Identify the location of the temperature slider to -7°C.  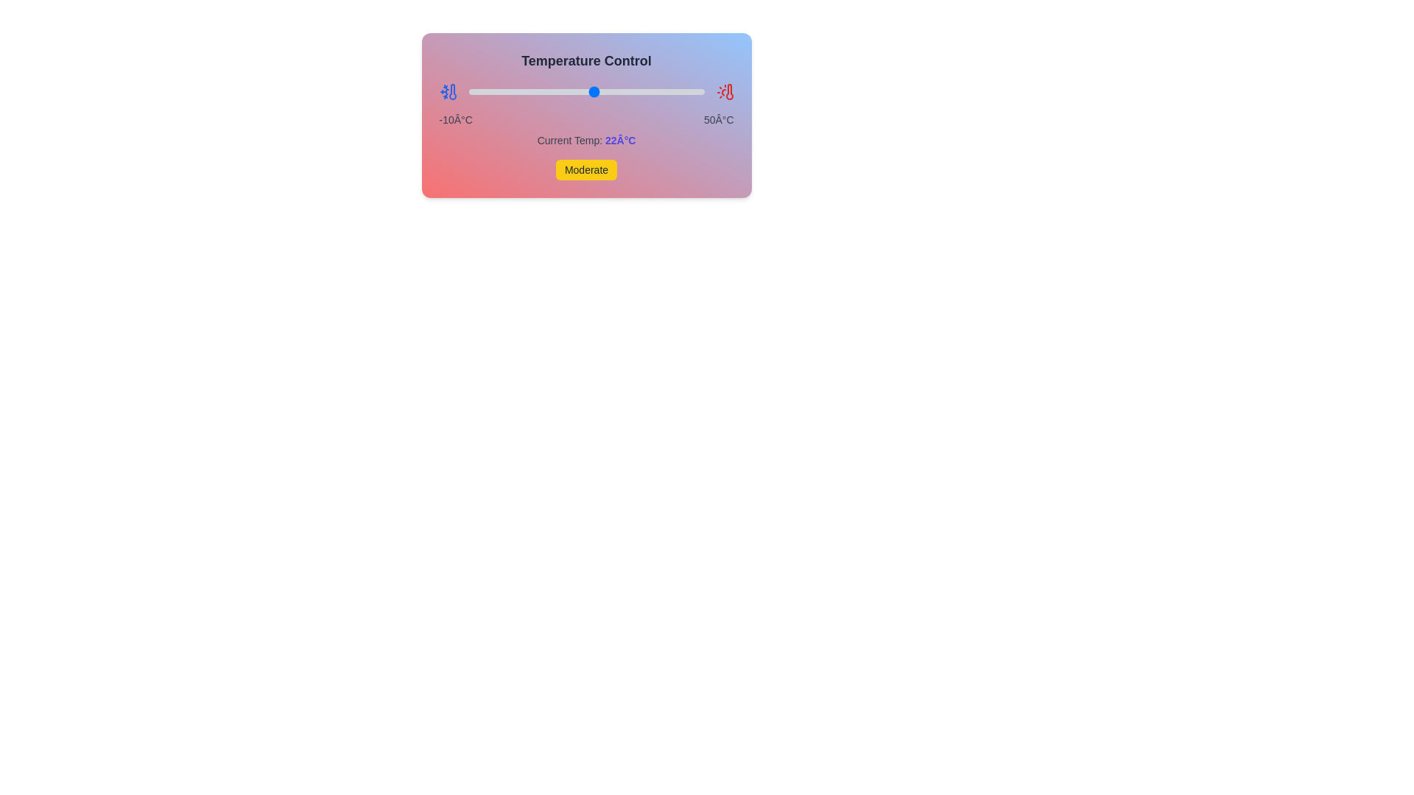
(480, 91).